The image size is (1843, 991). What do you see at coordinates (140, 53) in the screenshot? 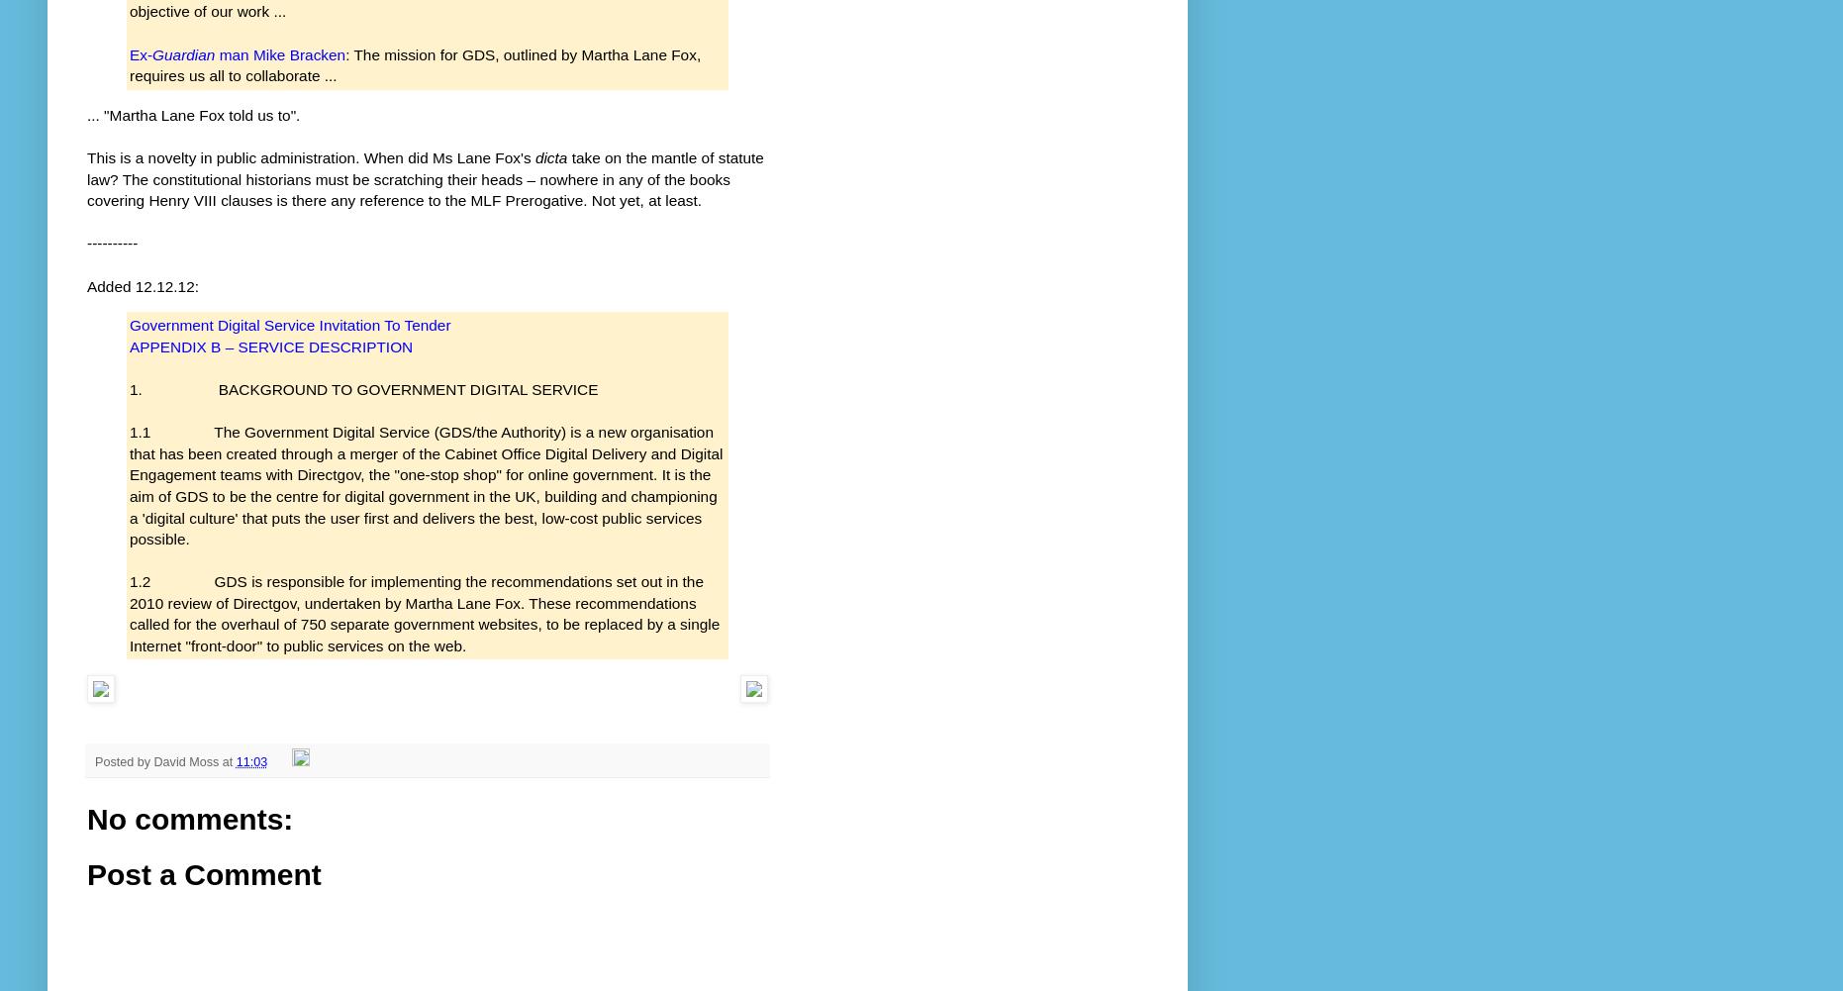
I see `'Ex-'` at bounding box center [140, 53].